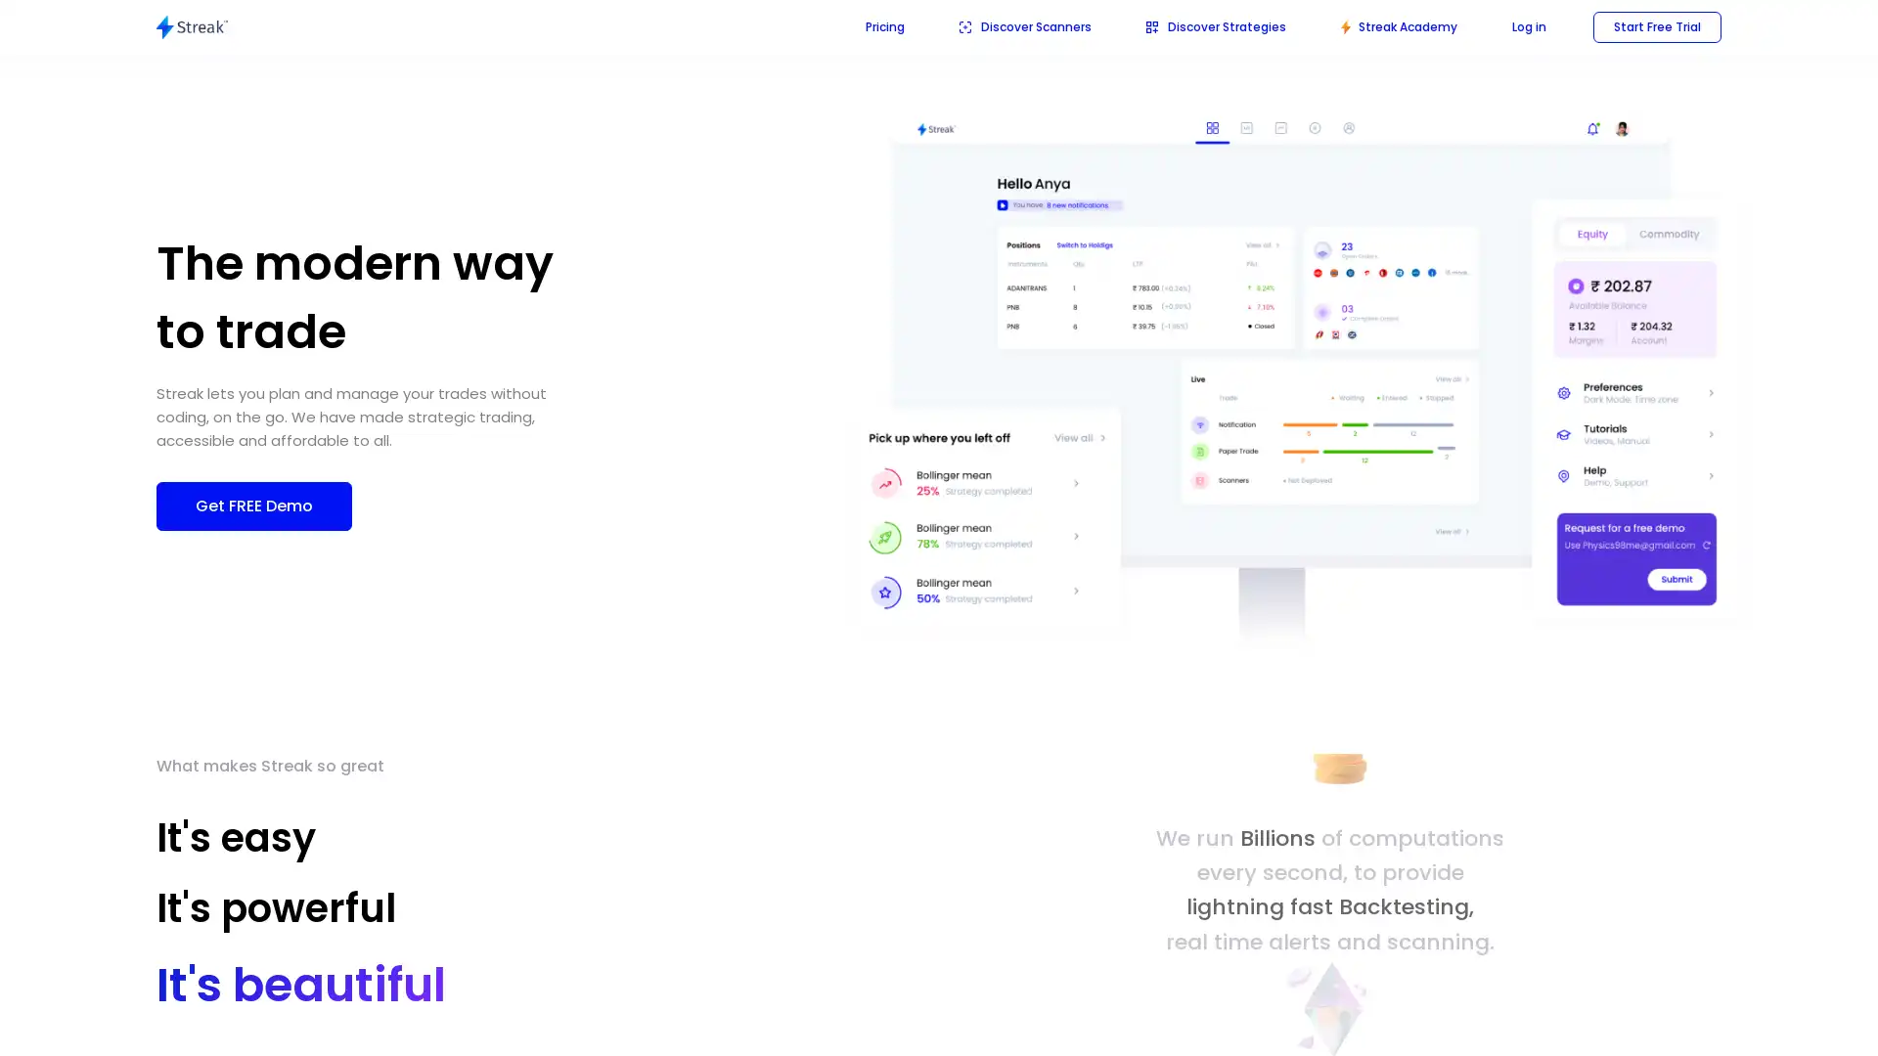  What do you see at coordinates (1656, 26) in the screenshot?
I see `Start Free Trial` at bounding box center [1656, 26].